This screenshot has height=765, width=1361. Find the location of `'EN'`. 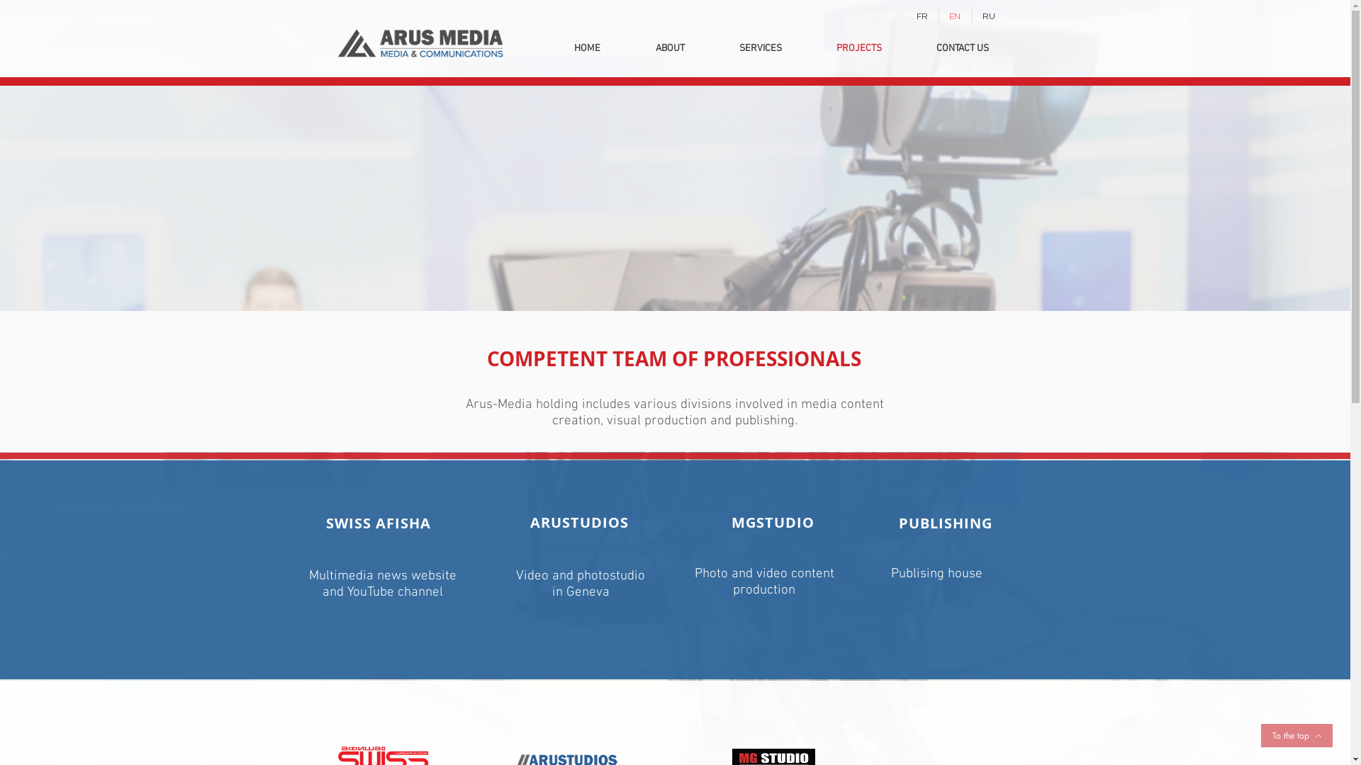

'EN' is located at coordinates (955, 16).